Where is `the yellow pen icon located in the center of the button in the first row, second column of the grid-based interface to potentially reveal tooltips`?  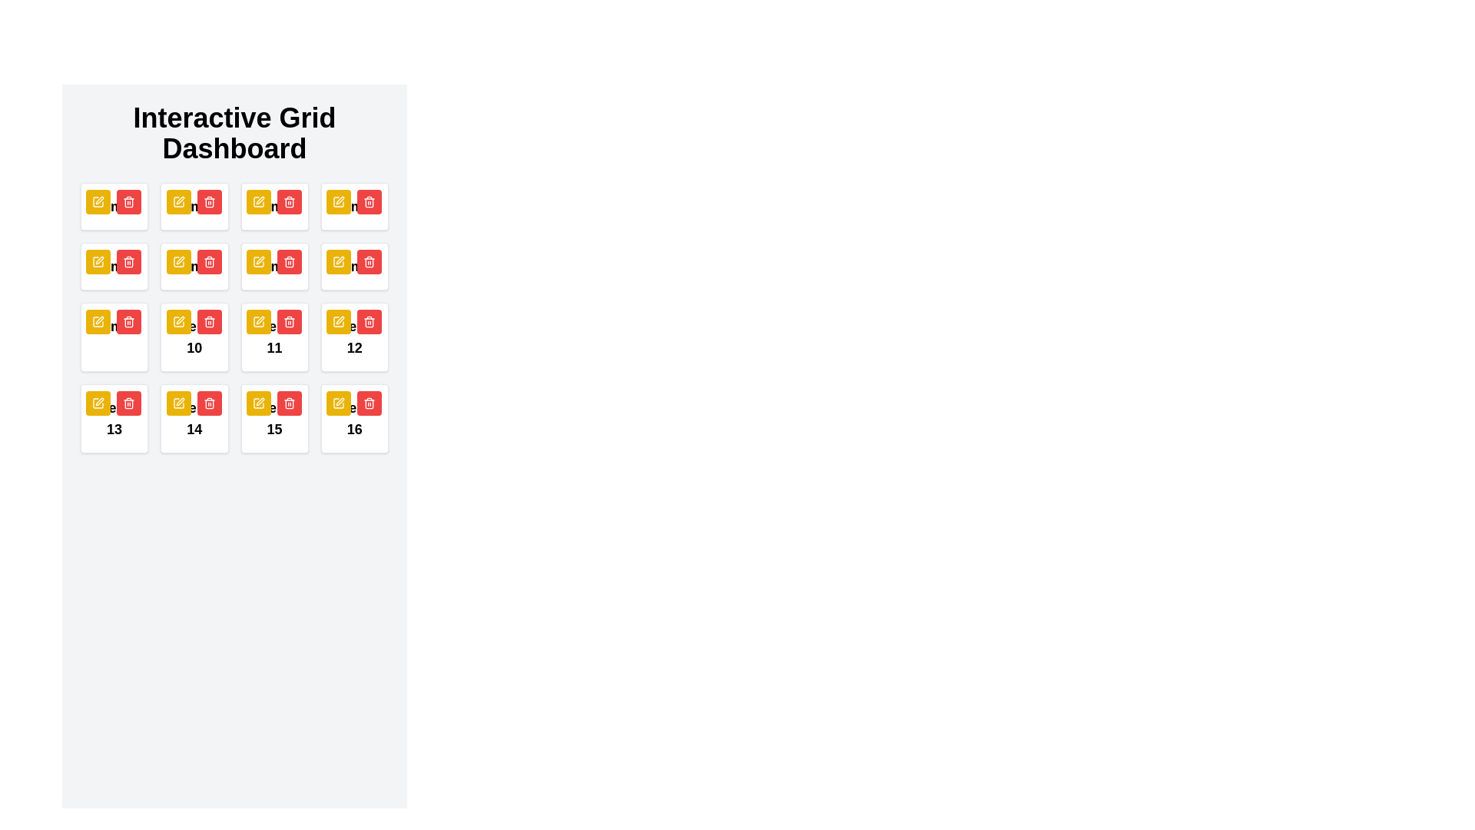 the yellow pen icon located in the center of the button in the first row, second column of the grid-based interface to potentially reveal tooltips is located at coordinates (178, 201).